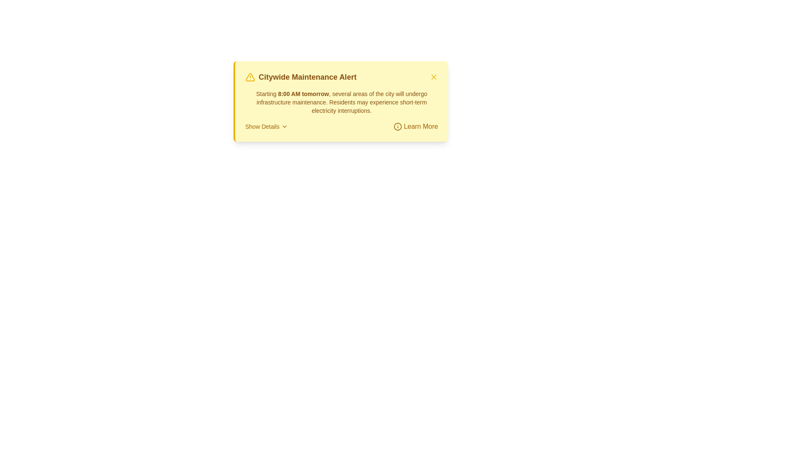  Describe the element at coordinates (434, 77) in the screenshot. I see `the small square button with a cross icon located at the top-right corner of the yellow notification card labeled 'Citywide Maintenance Alert' to observe its color change from yellow to red` at that location.